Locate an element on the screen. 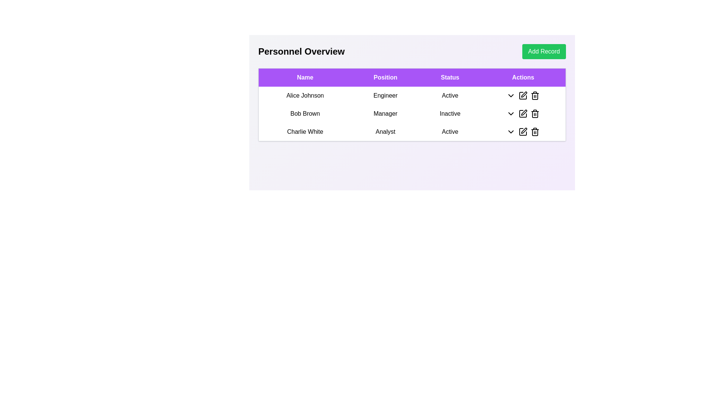 The height and width of the screenshot is (407, 723). the header cell labeled 'Actions' with a purple background and white text, which is the fourth column header in the table layout is located at coordinates (523, 77).